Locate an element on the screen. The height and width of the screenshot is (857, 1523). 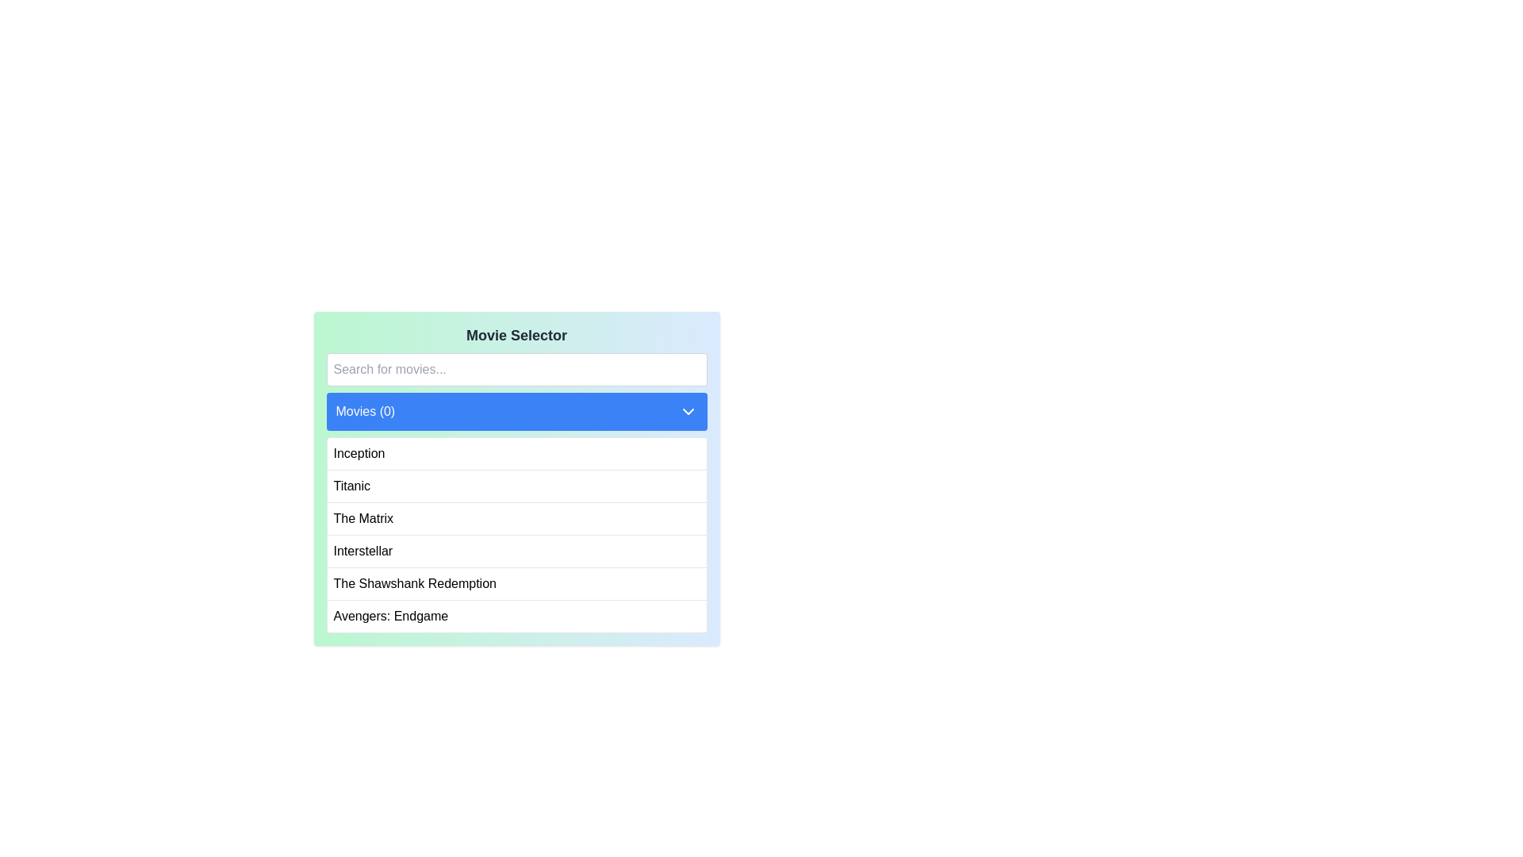
the second item in the dropdown movie selector, which is located between 'Inception' and 'The Matrix' is located at coordinates (351, 486).